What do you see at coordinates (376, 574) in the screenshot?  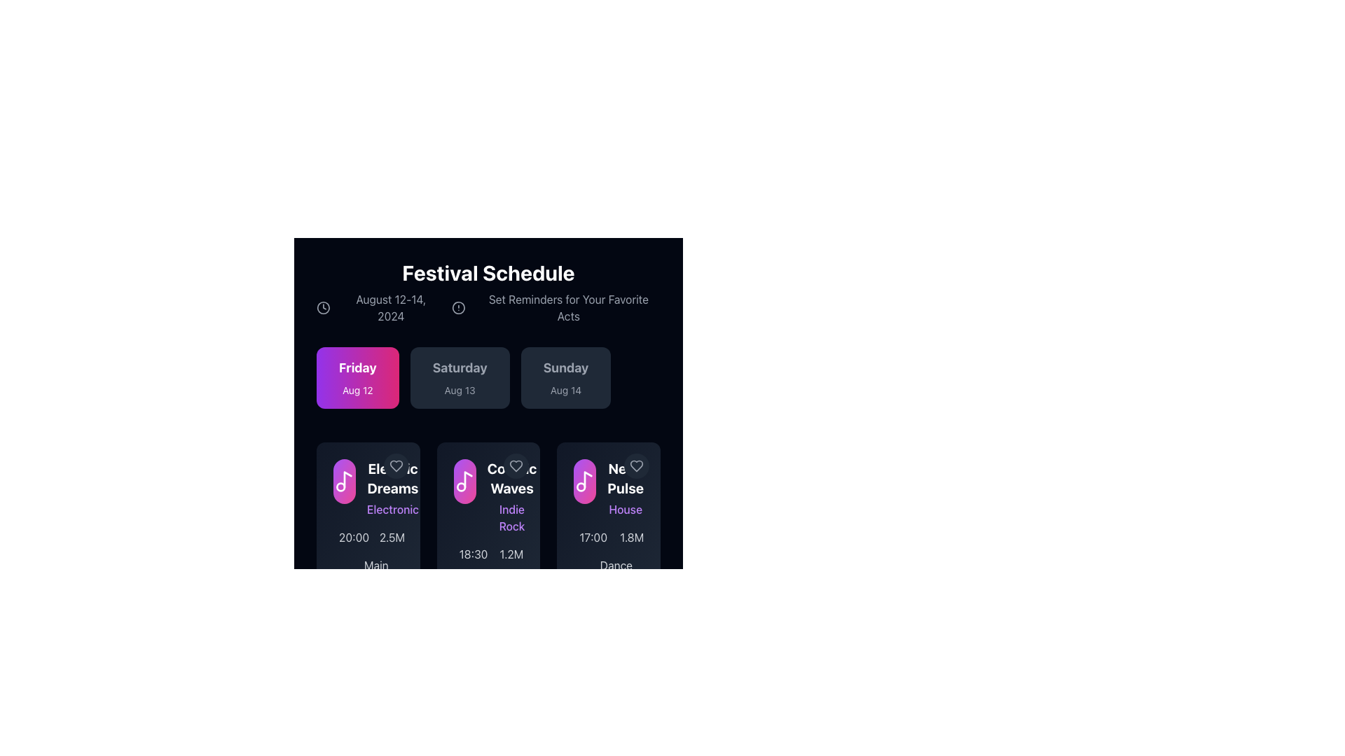 I see `the text label indicating the name or designation of a specific location within the event schedule interface` at bounding box center [376, 574].